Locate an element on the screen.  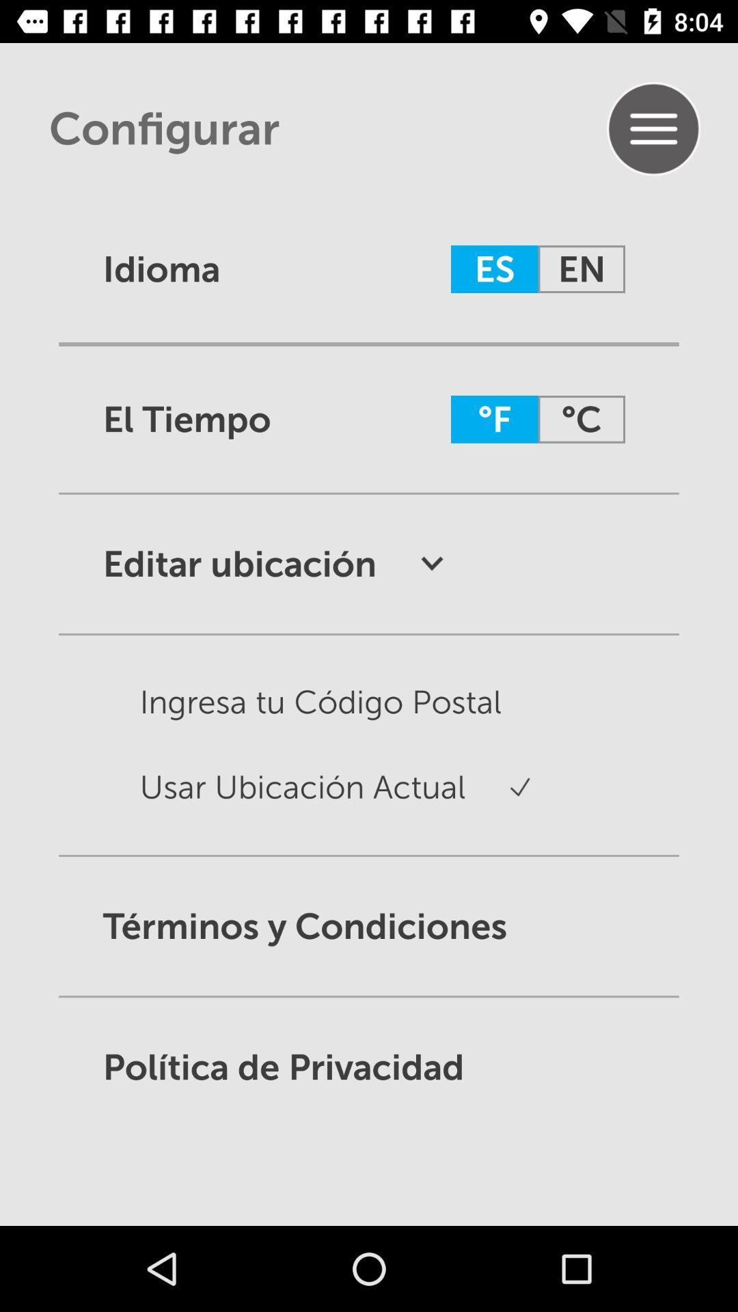
the second option in editar ubicacion category is located at coordinates (262, 800).